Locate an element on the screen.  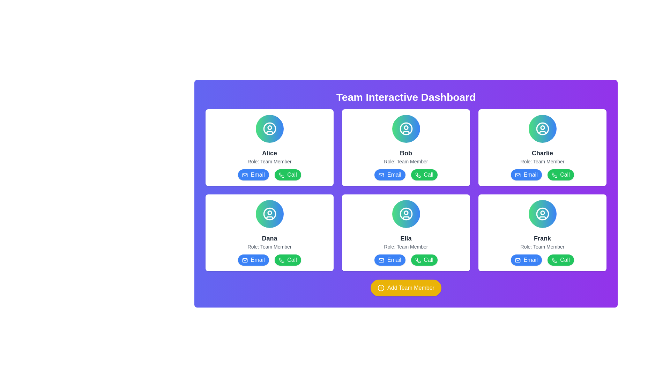
the inner circle of the user icon in the card labeled 'Ella' is located at coordinates (406, 214).